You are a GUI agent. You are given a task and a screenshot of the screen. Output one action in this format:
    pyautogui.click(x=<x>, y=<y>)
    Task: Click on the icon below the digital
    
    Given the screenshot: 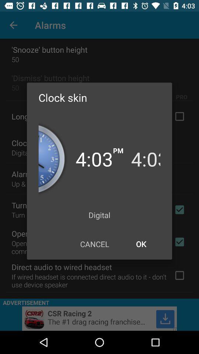 What is the action you would take?
    pyautogui.click(x=94, y=244)
    